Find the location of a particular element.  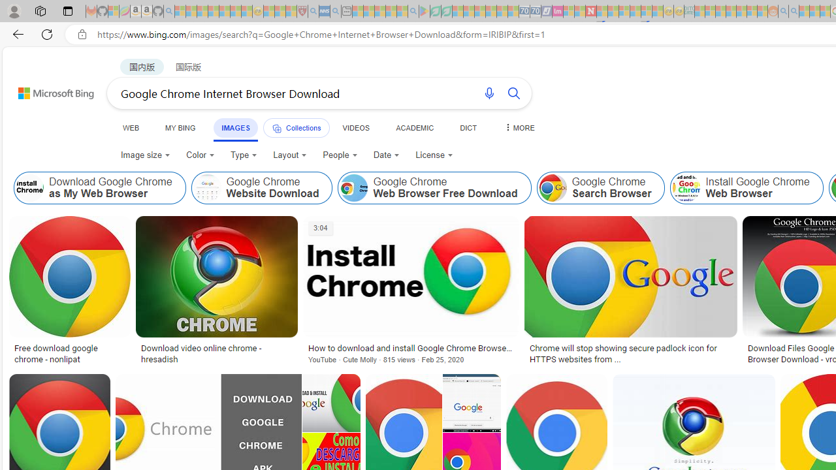

'ACADEMIC' is located at coordinates (414, 127).